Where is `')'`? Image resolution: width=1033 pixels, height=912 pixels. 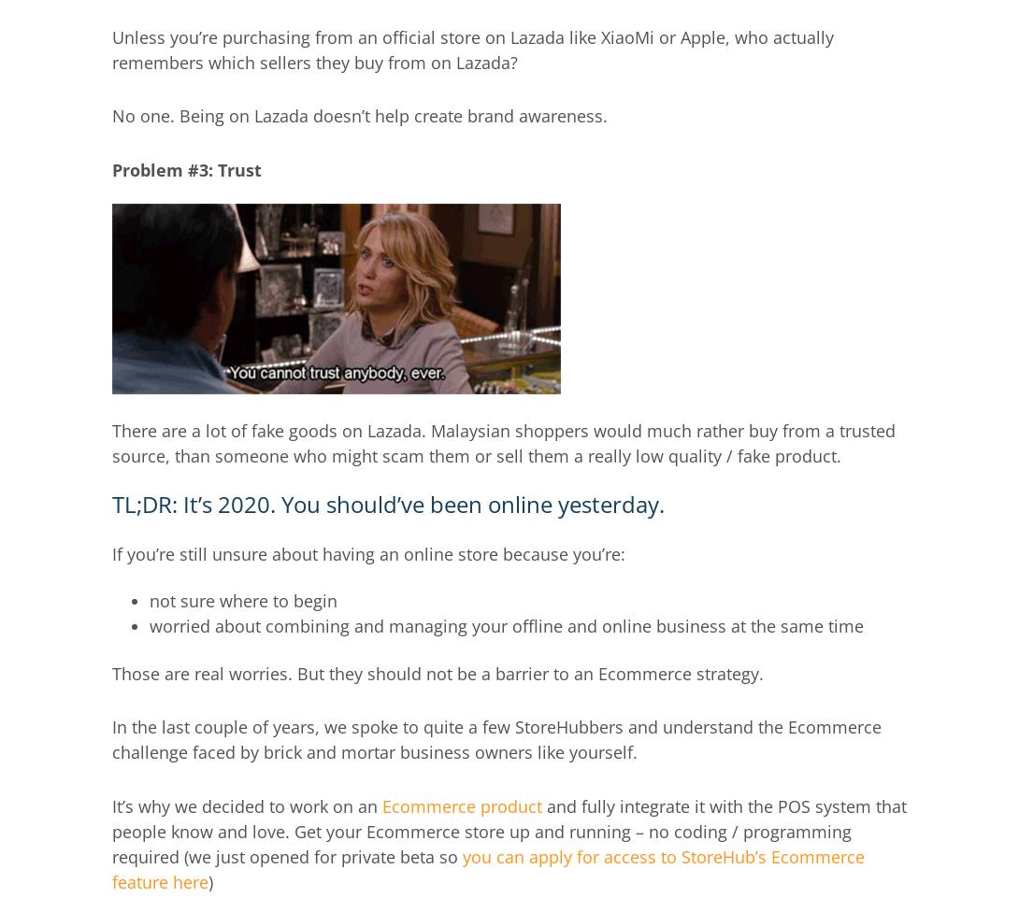 ')' is located at coordinates (210, 880).